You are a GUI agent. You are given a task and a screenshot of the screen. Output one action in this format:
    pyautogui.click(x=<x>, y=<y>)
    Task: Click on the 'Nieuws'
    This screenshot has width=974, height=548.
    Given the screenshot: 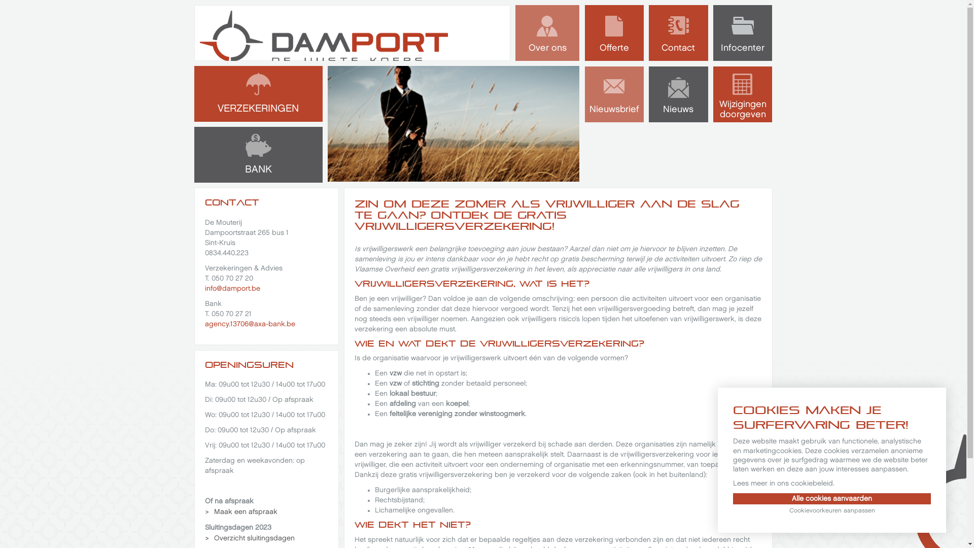 What is the action you would take?
    pyautogui.click(x=678, y=94)
    